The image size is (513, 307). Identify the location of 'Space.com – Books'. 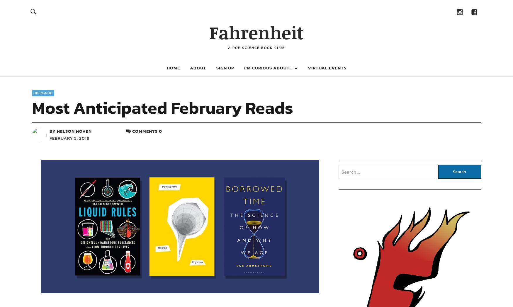
(382, 80).